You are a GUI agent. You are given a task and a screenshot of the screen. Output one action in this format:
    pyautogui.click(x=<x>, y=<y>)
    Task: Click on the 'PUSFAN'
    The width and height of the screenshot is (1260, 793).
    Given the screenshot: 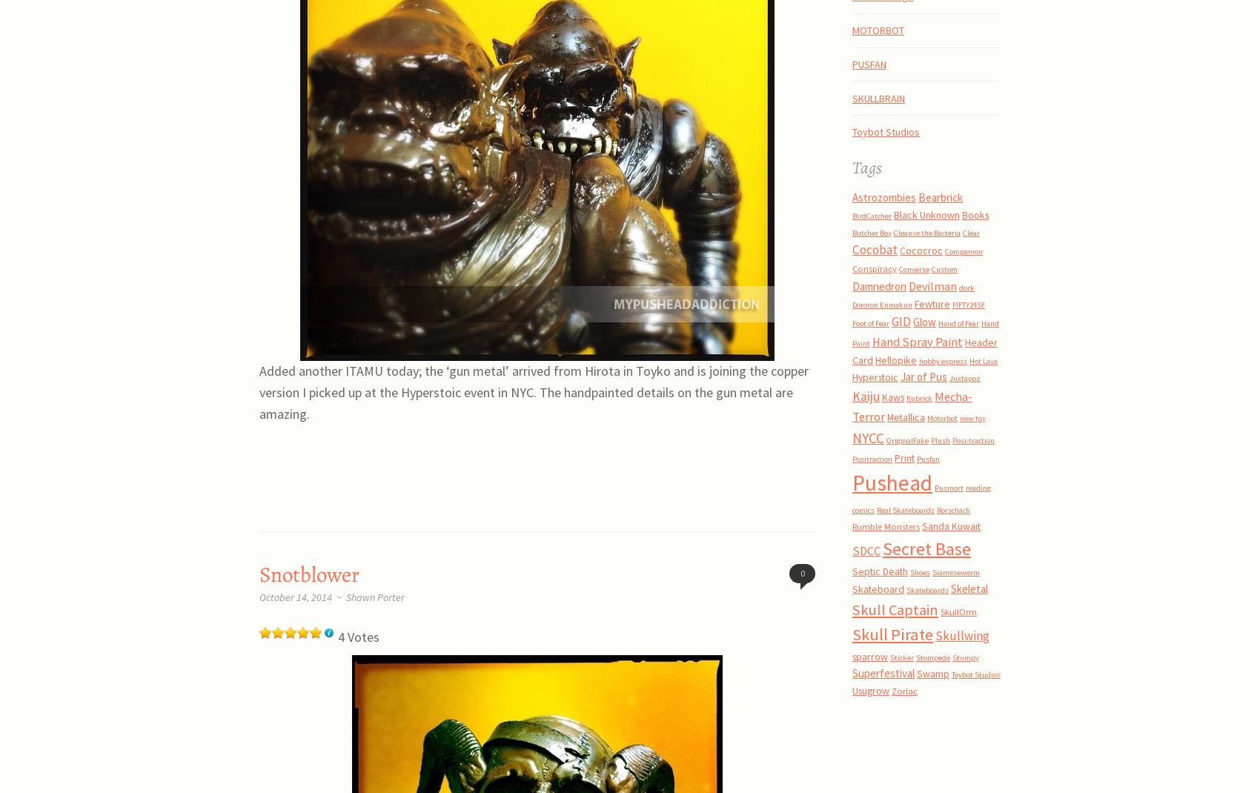 What is the action you would take?
    pyautogui.click(x=869, y=63)
    